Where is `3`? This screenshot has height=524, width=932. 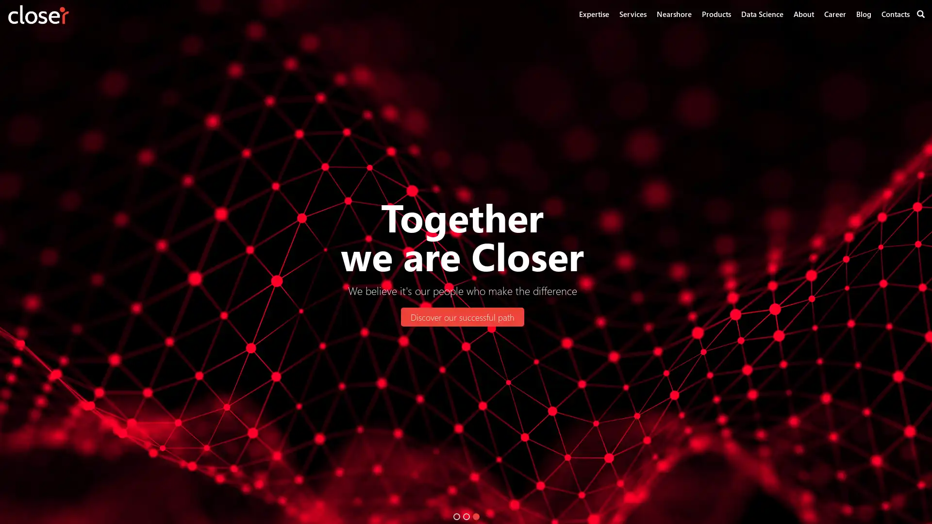
3 is located at coordinates (476, 516).